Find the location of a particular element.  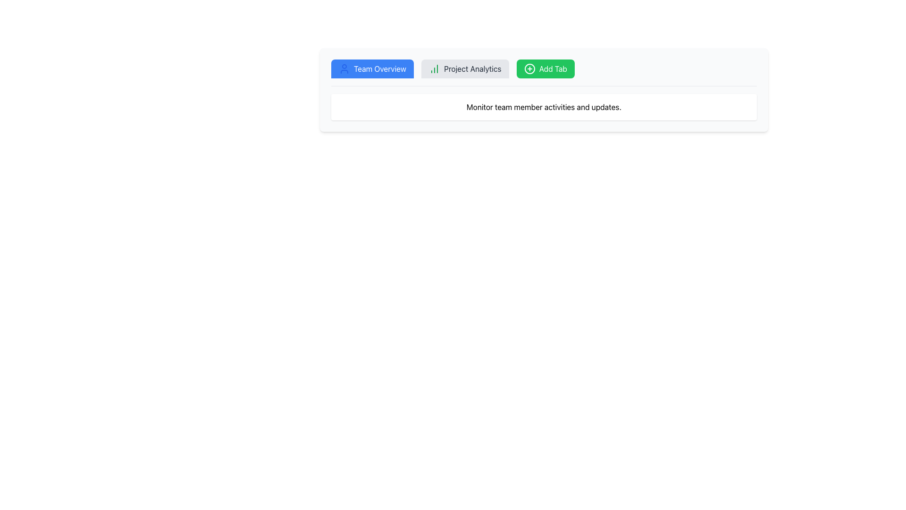

the circular icon with a plus sign, which is located to the left of the 'Add Tab' button and has a green background is located at coordinates (529, 68).